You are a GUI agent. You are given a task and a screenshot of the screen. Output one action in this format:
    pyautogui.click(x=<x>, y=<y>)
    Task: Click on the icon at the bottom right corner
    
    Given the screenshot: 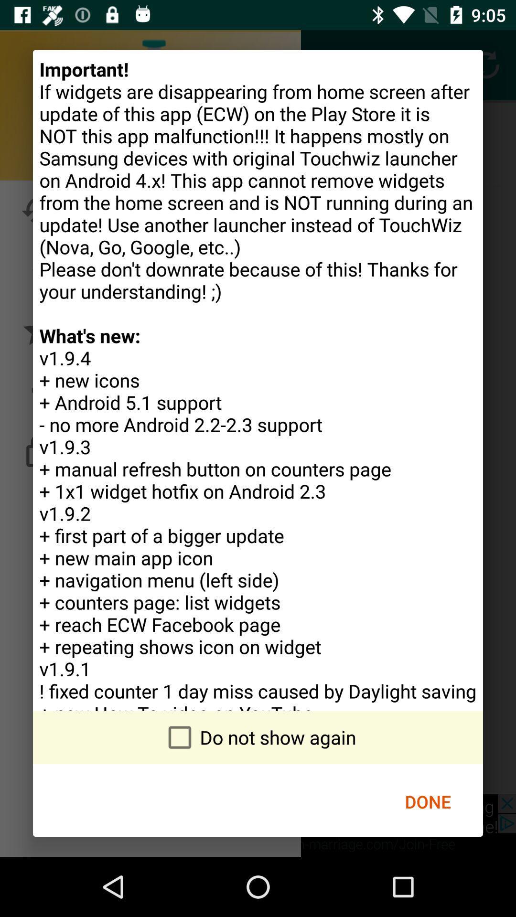 What is the action you would take?
    pyautogui.click(x=427, y=801)
    